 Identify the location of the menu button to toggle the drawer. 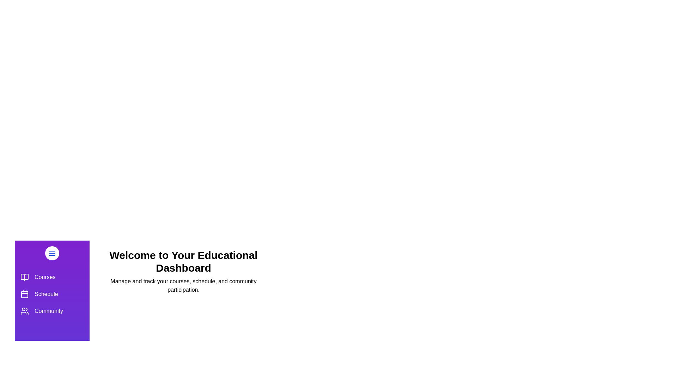
(52, 253).